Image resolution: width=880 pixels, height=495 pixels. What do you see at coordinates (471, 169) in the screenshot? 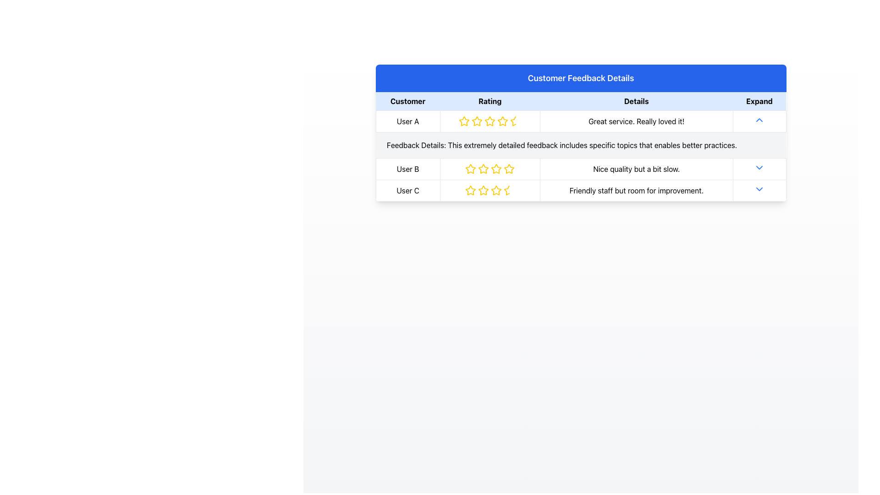
I see `the second star in the rating system for the 'User B' feedback entry, located in the second row of the main feedback section` at bounding box center [471, 169].